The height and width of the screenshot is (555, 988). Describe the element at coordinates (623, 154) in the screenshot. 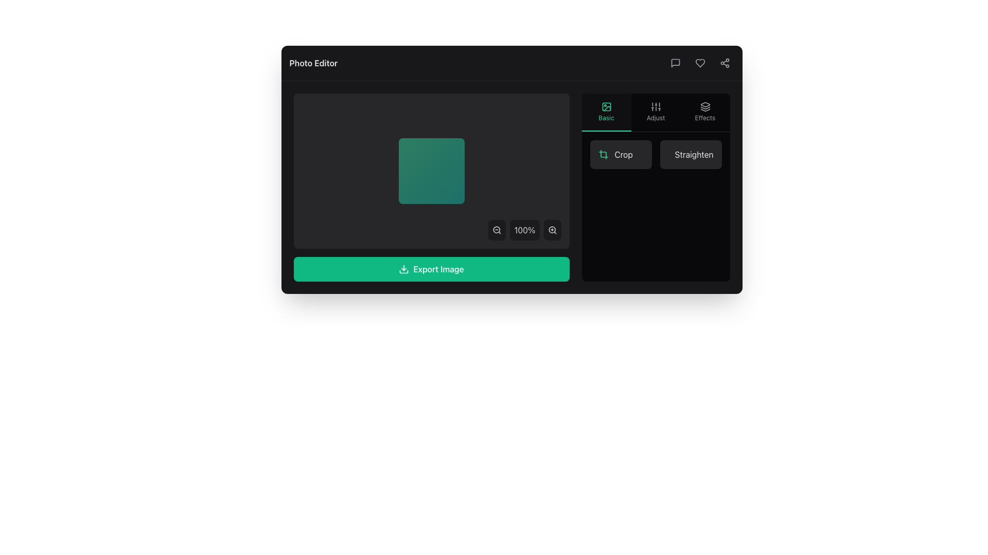

I see `text of the Label that indicates the functionality for the 'Crop' feature in the editing toolbar` at that location.